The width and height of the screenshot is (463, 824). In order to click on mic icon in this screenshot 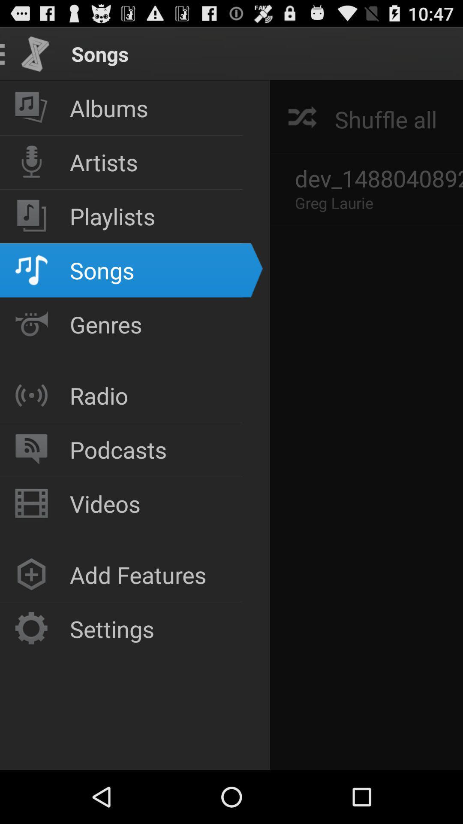, I will do `click(31, 162)`.